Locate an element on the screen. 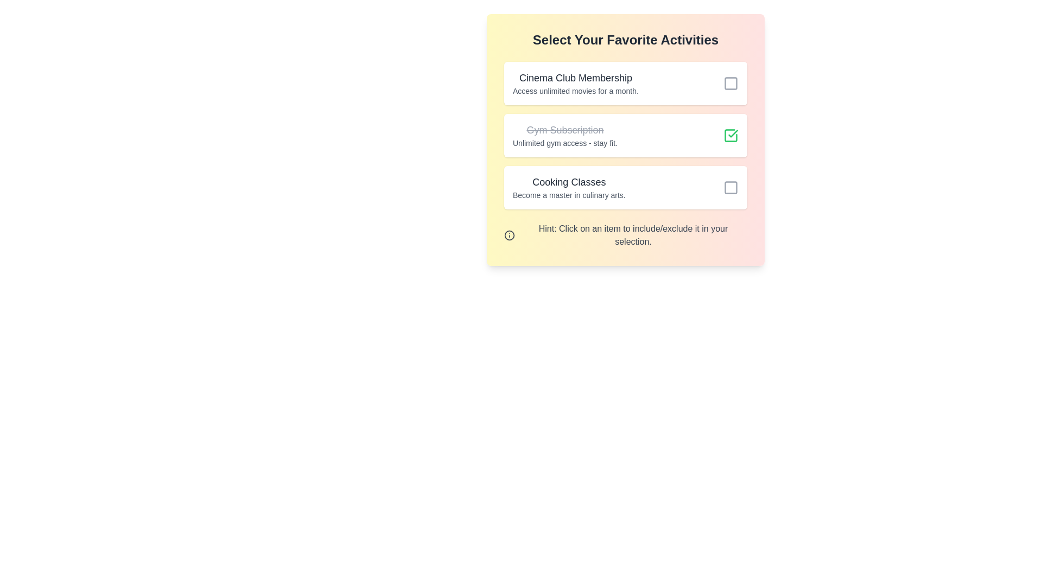 The width and height of the screenshot is (1042, 586). the Checkbox indicator for the 'Cooking Classes' activity located is located at coordinates (731, 187).